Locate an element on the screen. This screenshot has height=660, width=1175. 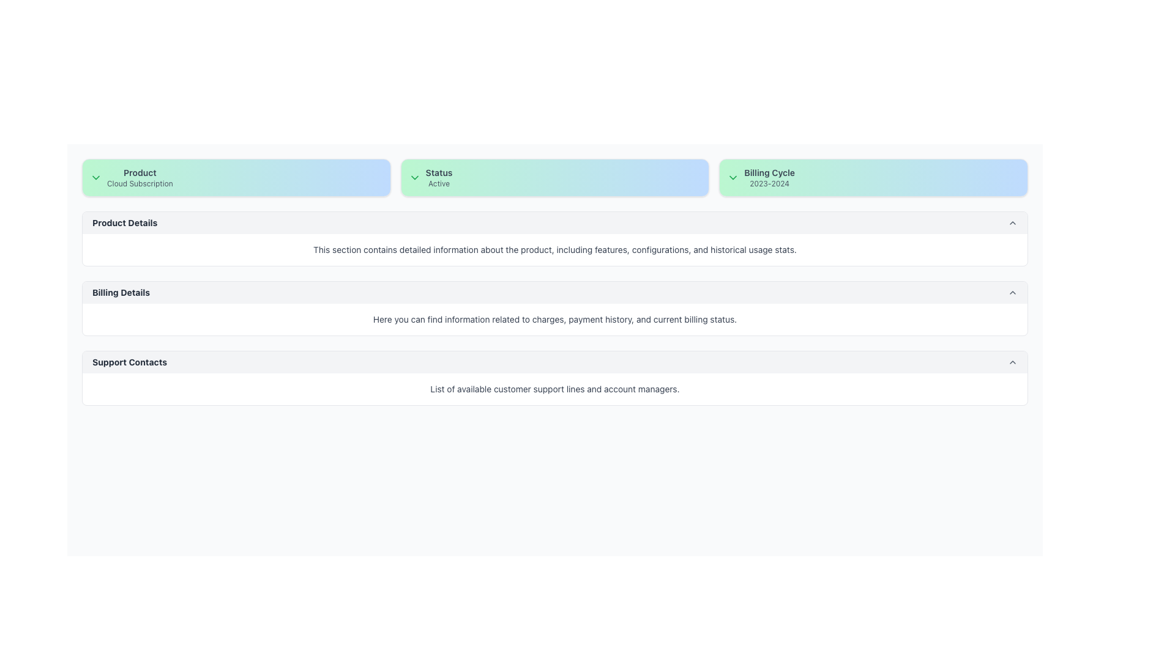
the chevron icon located at the far right side of the 'Support Contacts' section is located at coordinates (1013, 362).